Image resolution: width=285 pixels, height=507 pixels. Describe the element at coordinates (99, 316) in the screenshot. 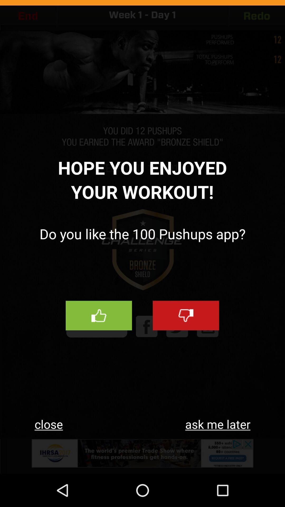

I see `like button` at that location.